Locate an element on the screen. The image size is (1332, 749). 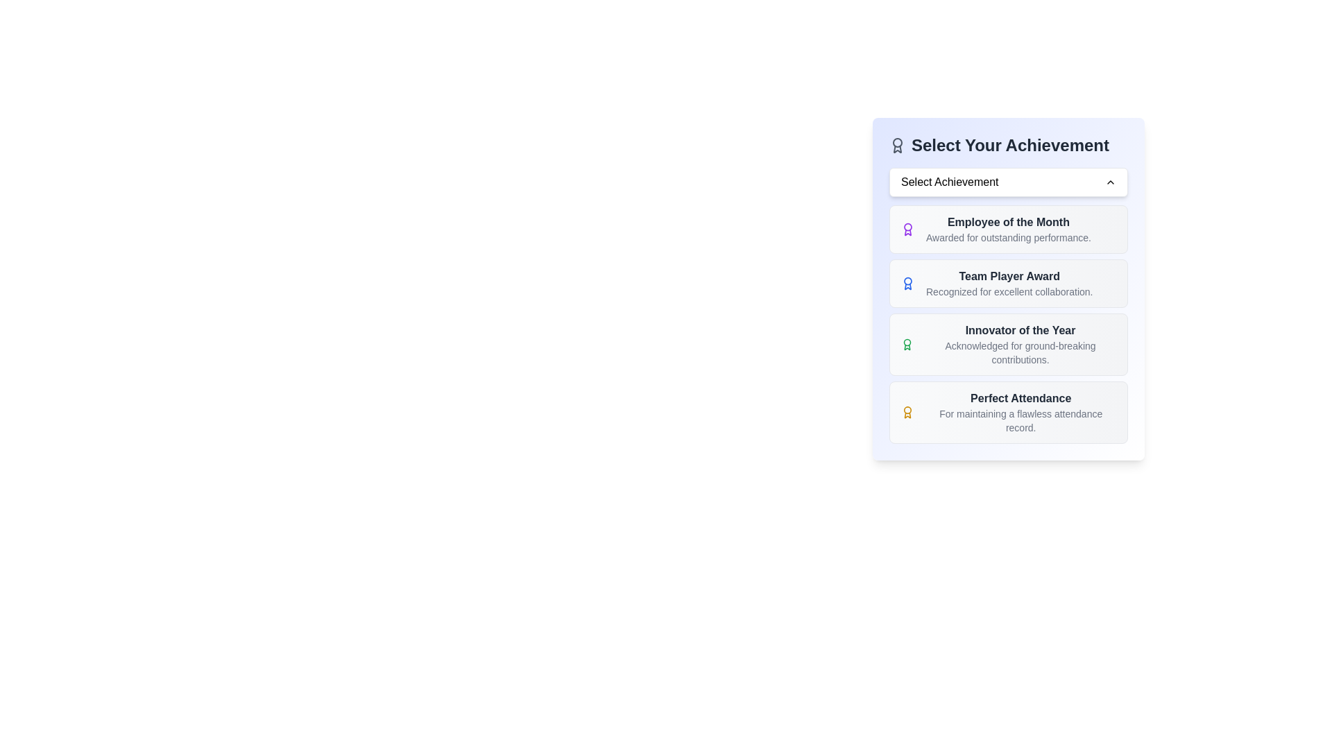
text of the second option in the achievement selection interface, which is located below 'Employee of the Month' and above 'Innovator of the Year' is located at coordinates (1009, 282).